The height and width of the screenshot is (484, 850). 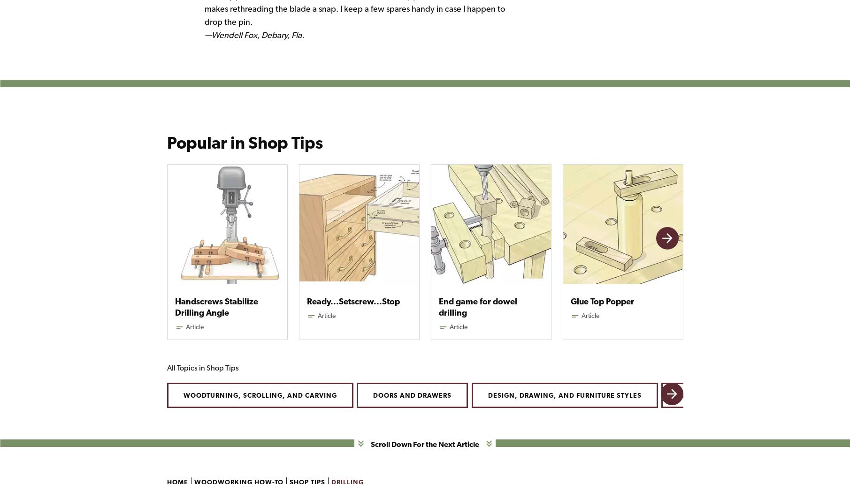 I want to click on 'Popular in', so click(x=207, y=142).